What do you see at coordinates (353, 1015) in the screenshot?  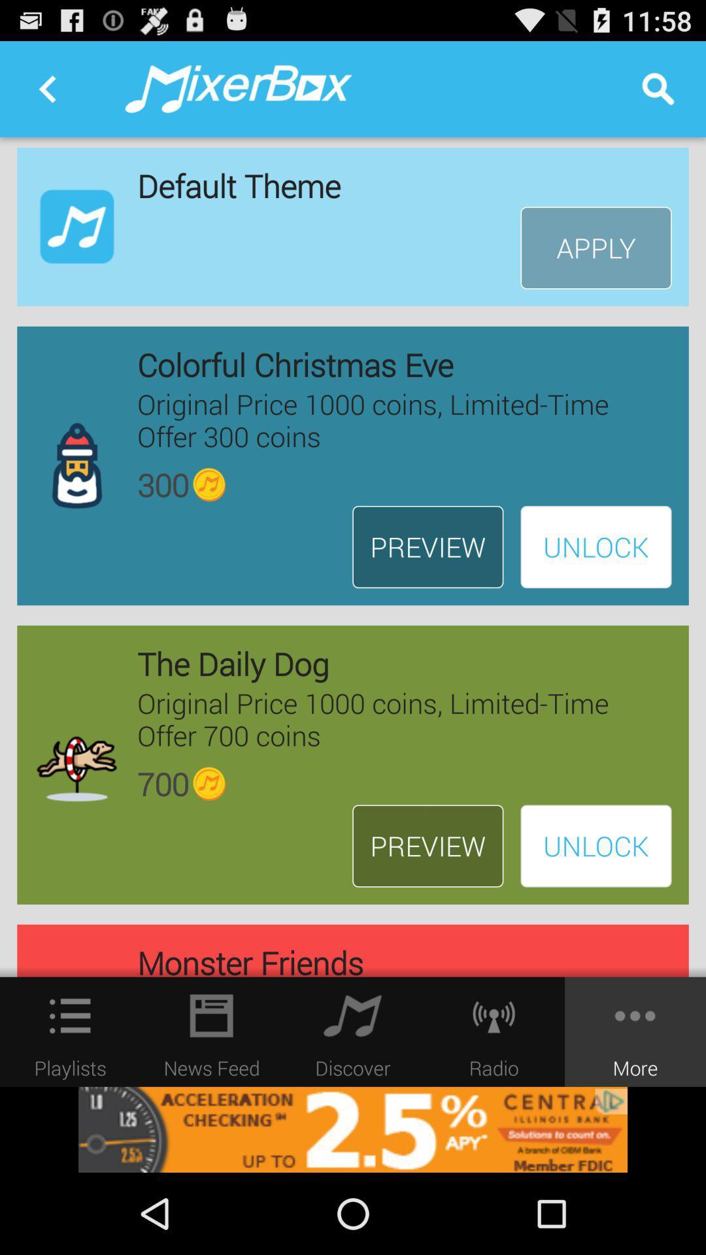 I see `the discover option` at bounding box center [353, 1015].